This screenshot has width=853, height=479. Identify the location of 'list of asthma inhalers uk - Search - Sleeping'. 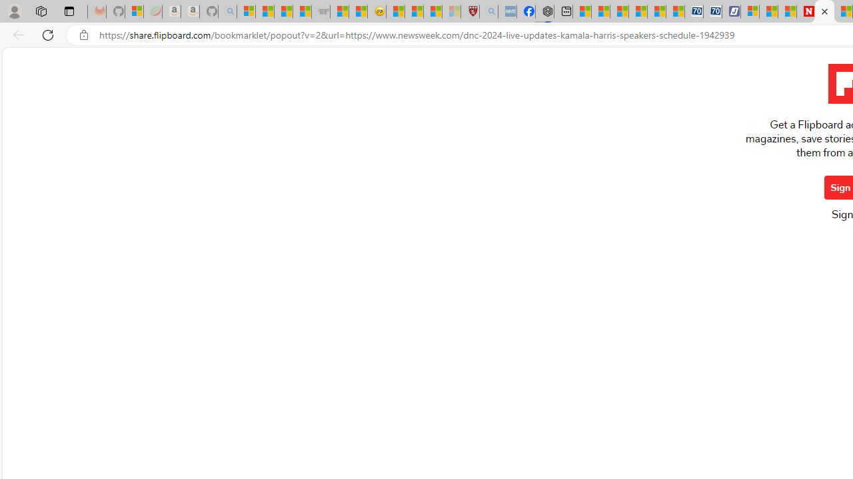
(488, 11).